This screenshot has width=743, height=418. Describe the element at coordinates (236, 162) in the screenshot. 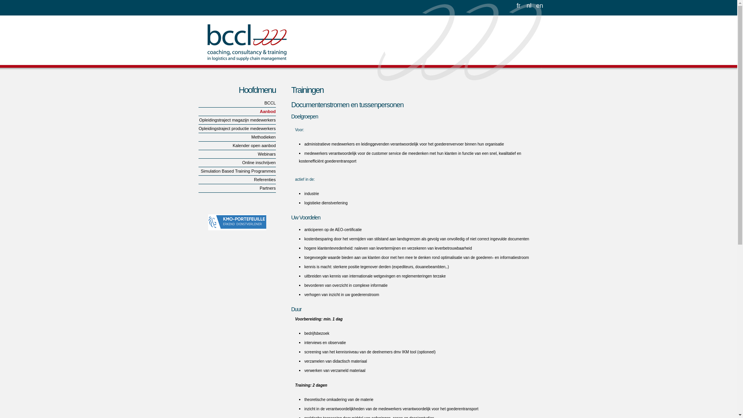

I see `'Online inschrijven'` at that location.